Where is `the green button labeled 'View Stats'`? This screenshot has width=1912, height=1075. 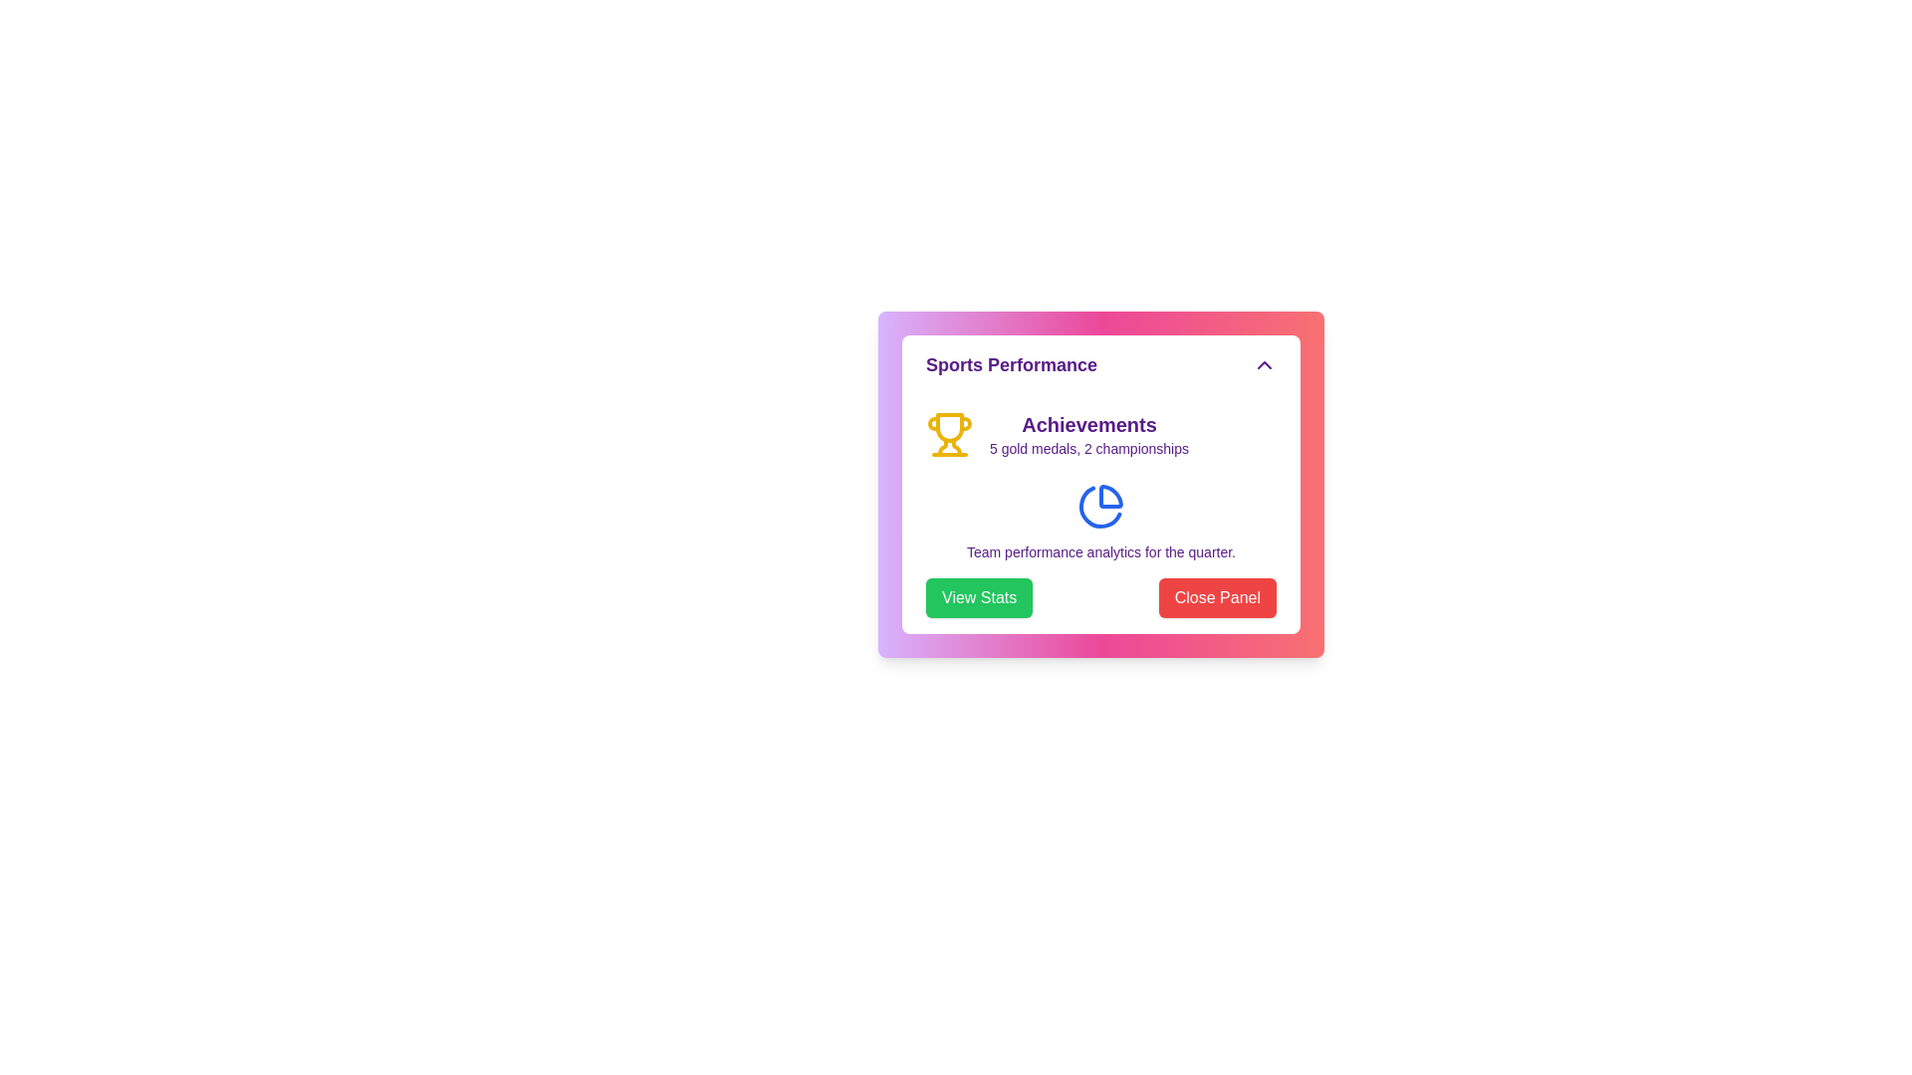
the green button labeled 'View Stats' is located at coordinates (979, 597).